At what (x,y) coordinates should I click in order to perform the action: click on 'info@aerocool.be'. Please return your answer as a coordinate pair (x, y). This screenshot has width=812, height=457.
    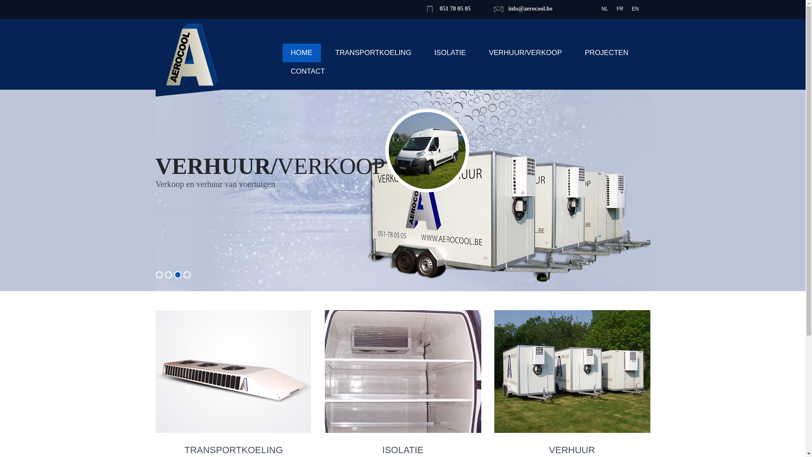
    Looking at the image, I should click on (529, 8).